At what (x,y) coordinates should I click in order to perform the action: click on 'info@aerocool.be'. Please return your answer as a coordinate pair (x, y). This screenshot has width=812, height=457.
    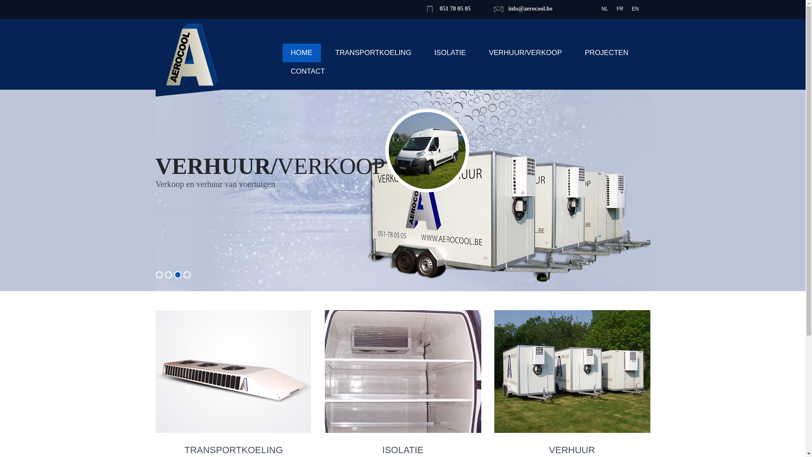
    Looking at the image, I should click on (529, 8).